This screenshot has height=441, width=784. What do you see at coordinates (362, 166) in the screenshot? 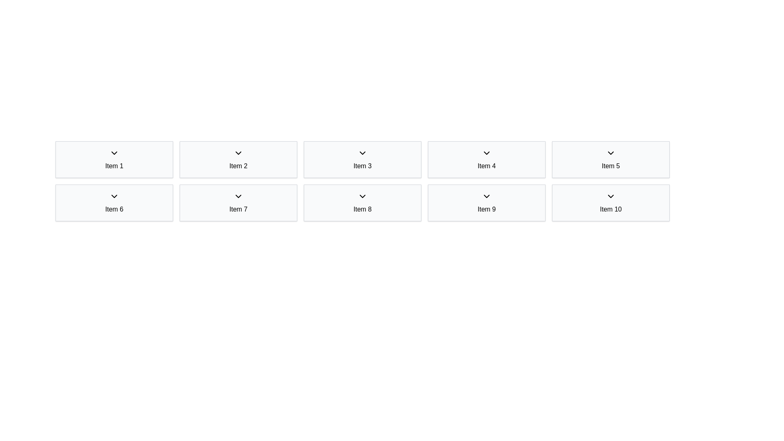
I see `the Text Label located in the third card from the left in the top row of the grid layout, which identifies the content or function of the associated card` at bounding box center [362, 166].